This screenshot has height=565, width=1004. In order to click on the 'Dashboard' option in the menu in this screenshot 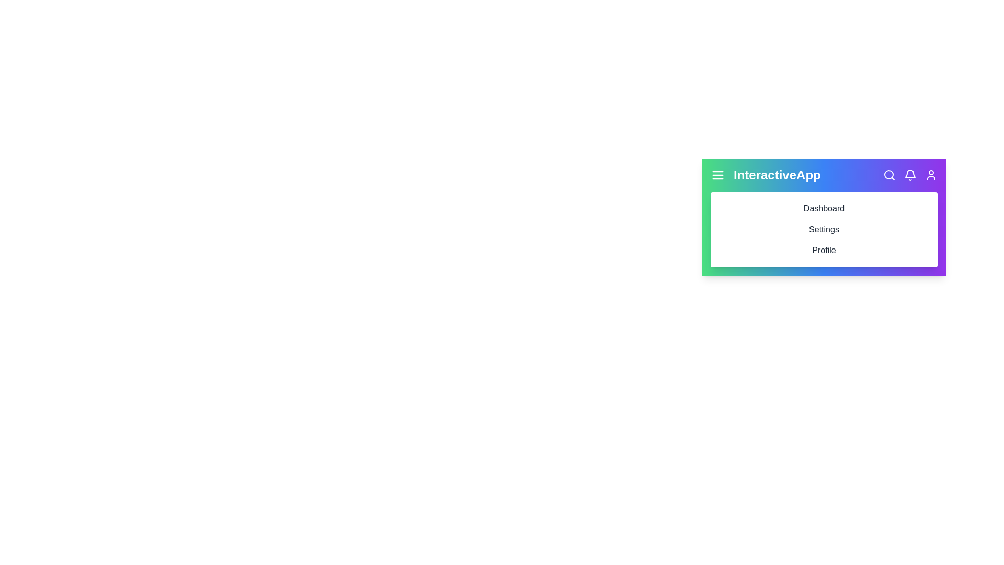, I will do `click(823, 208)`.